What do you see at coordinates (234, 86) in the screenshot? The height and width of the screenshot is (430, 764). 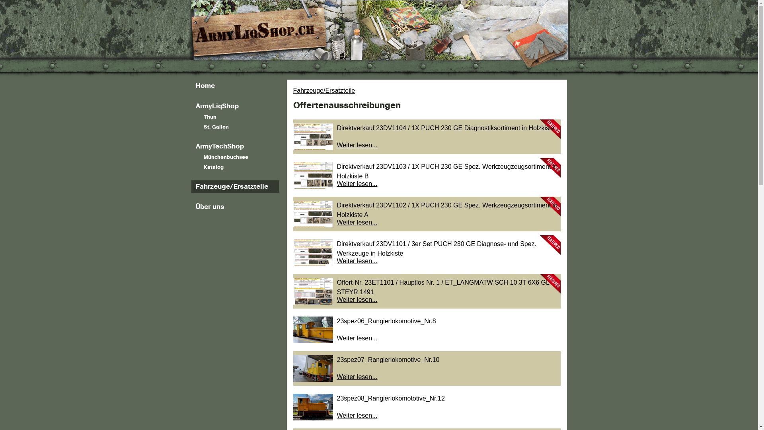 I see `'Home'` at bounding box center [234, 86].